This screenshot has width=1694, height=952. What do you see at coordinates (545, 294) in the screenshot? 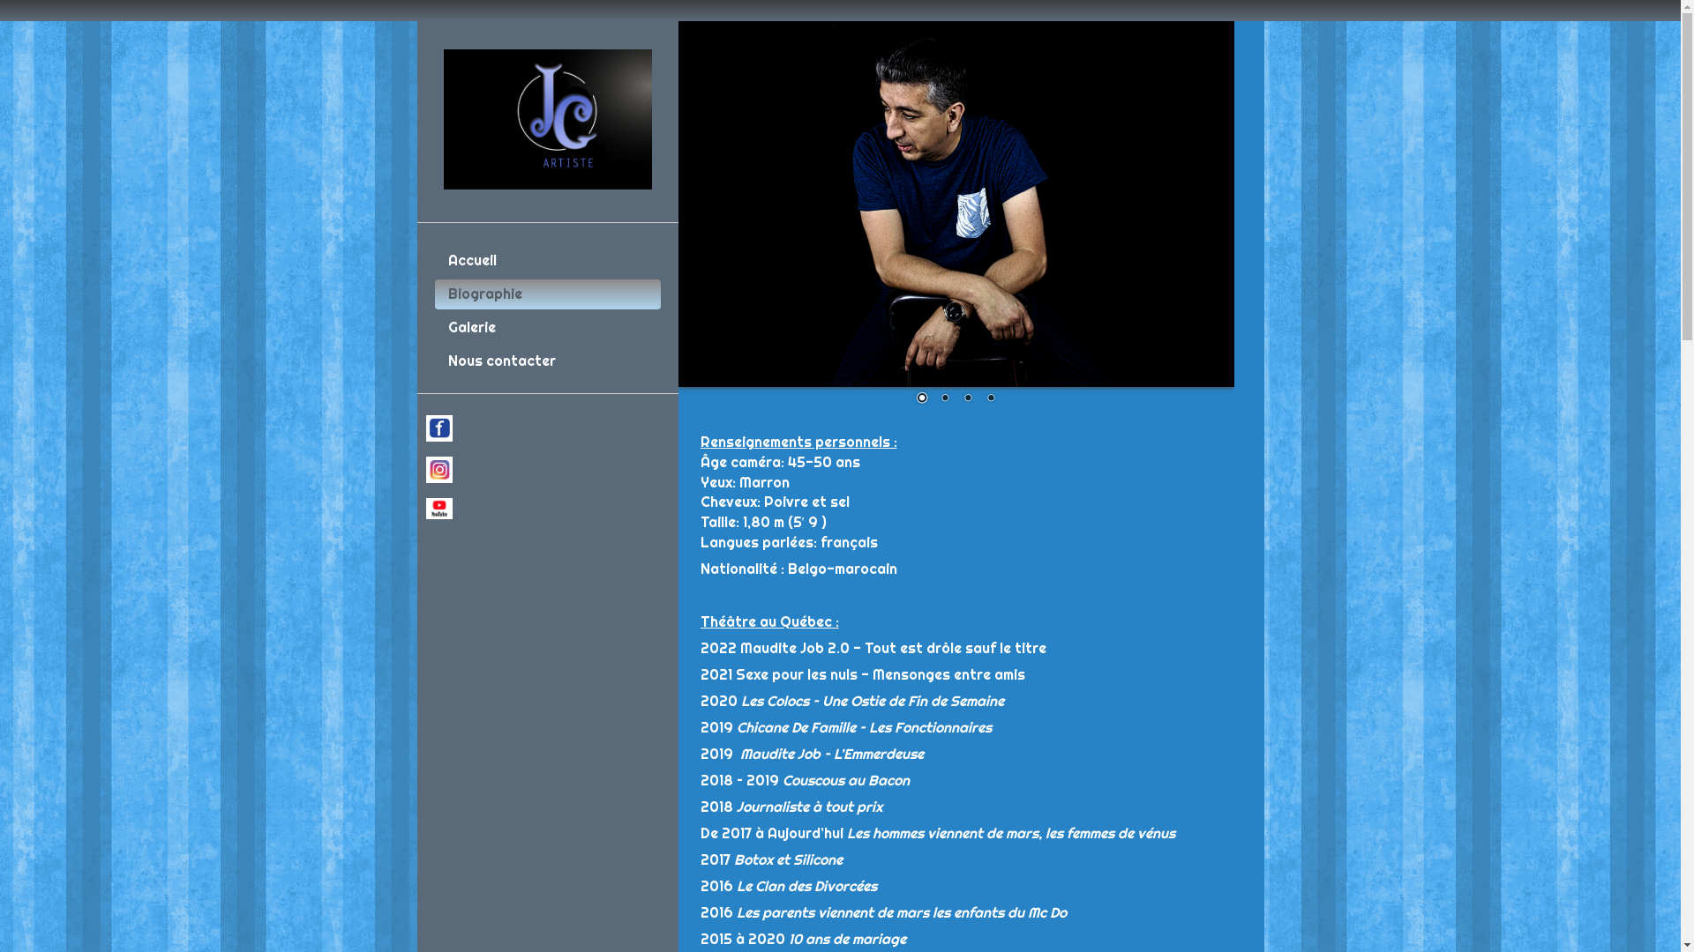
I see `'Biographie'` at bounding box center [545, 294].